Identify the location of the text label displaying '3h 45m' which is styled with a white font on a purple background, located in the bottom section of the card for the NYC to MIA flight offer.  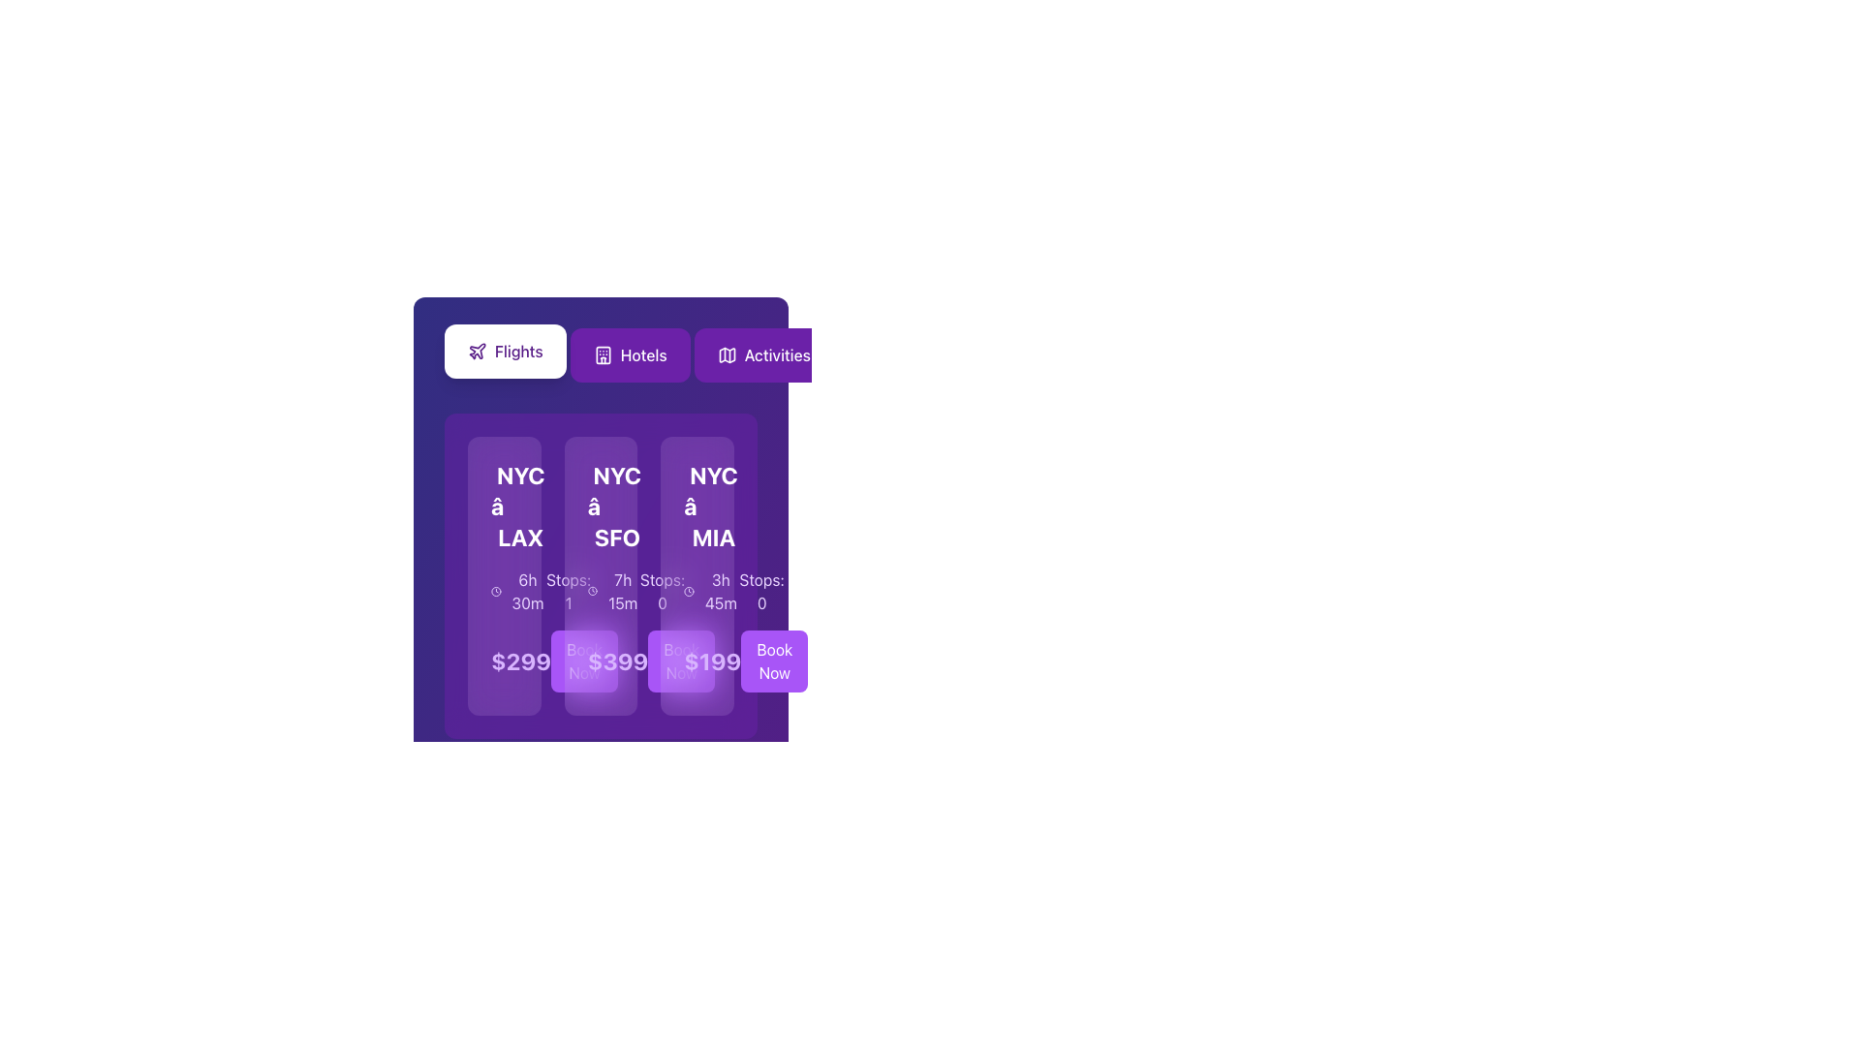
(720, 590).